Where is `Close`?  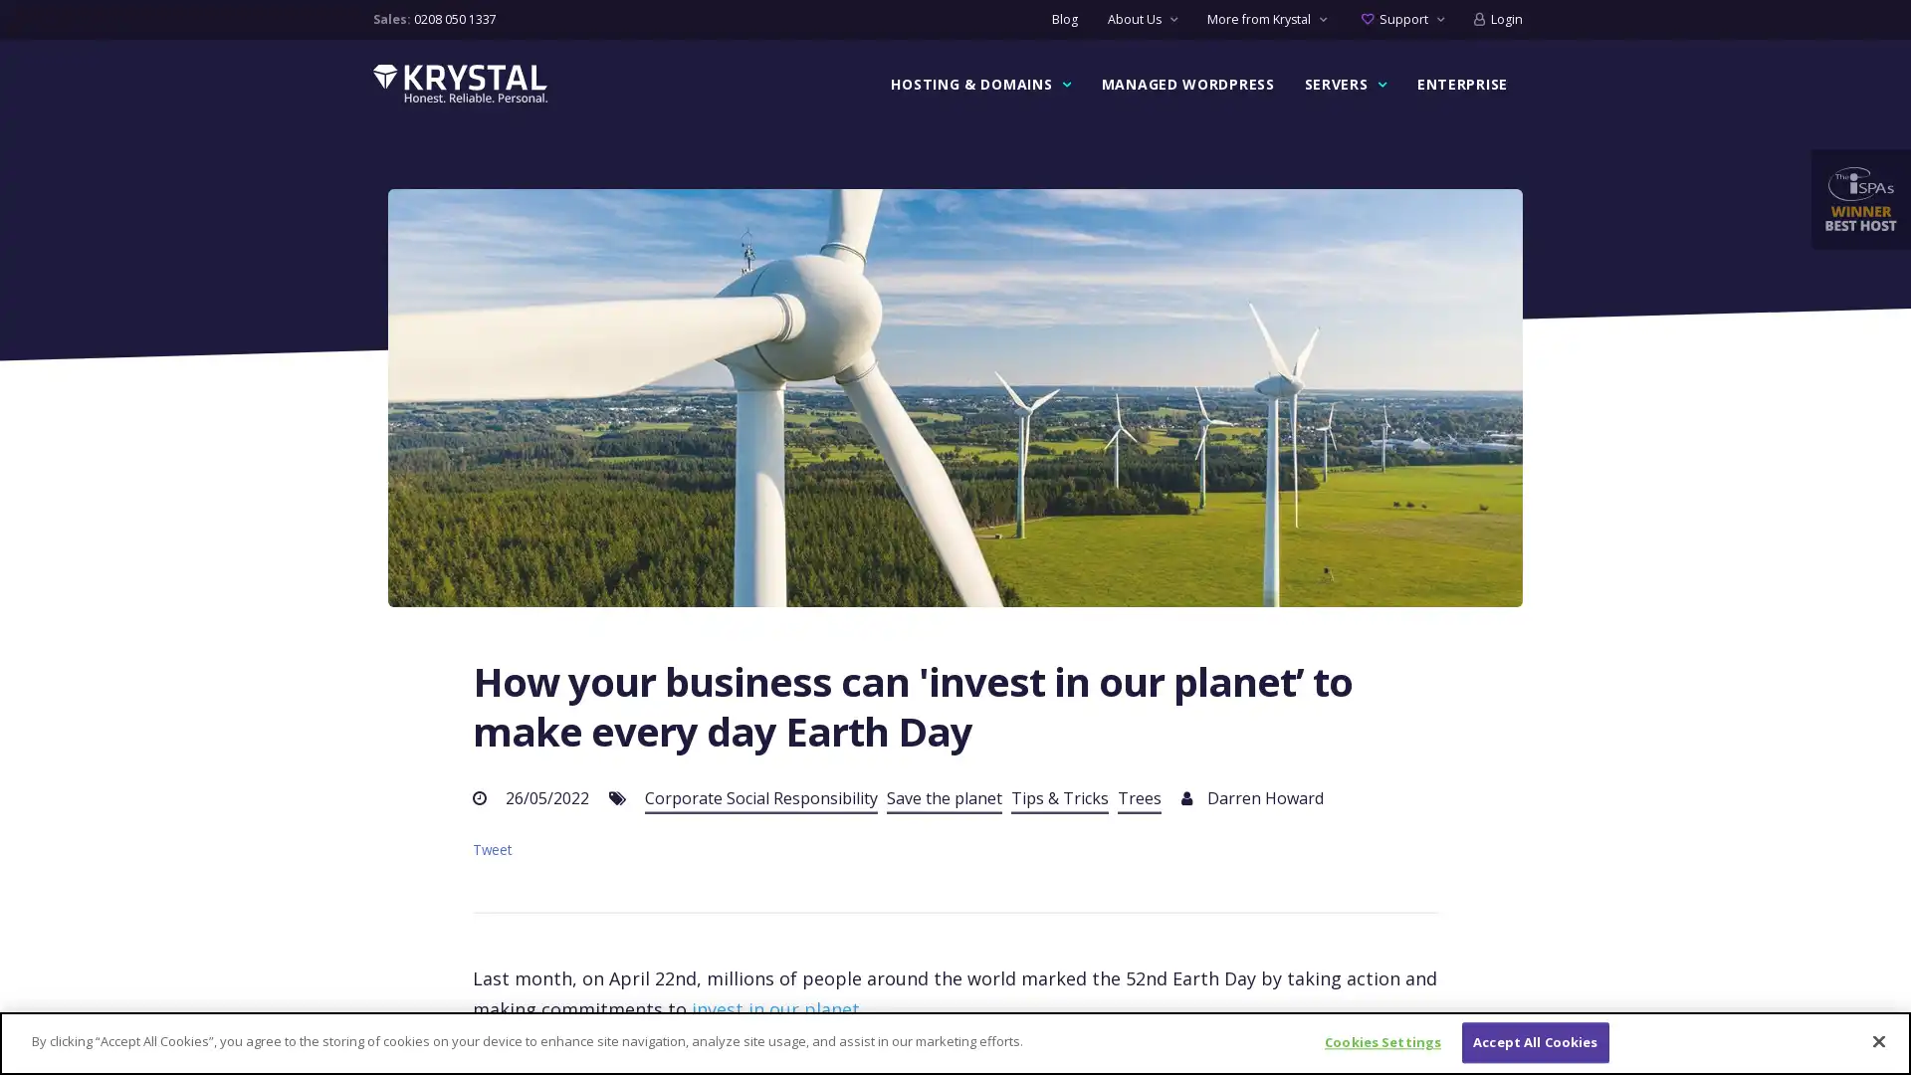
Close is located at coordinates (1877, 1039).